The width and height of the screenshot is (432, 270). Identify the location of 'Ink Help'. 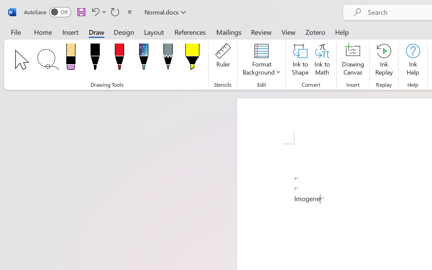
(412, 60).